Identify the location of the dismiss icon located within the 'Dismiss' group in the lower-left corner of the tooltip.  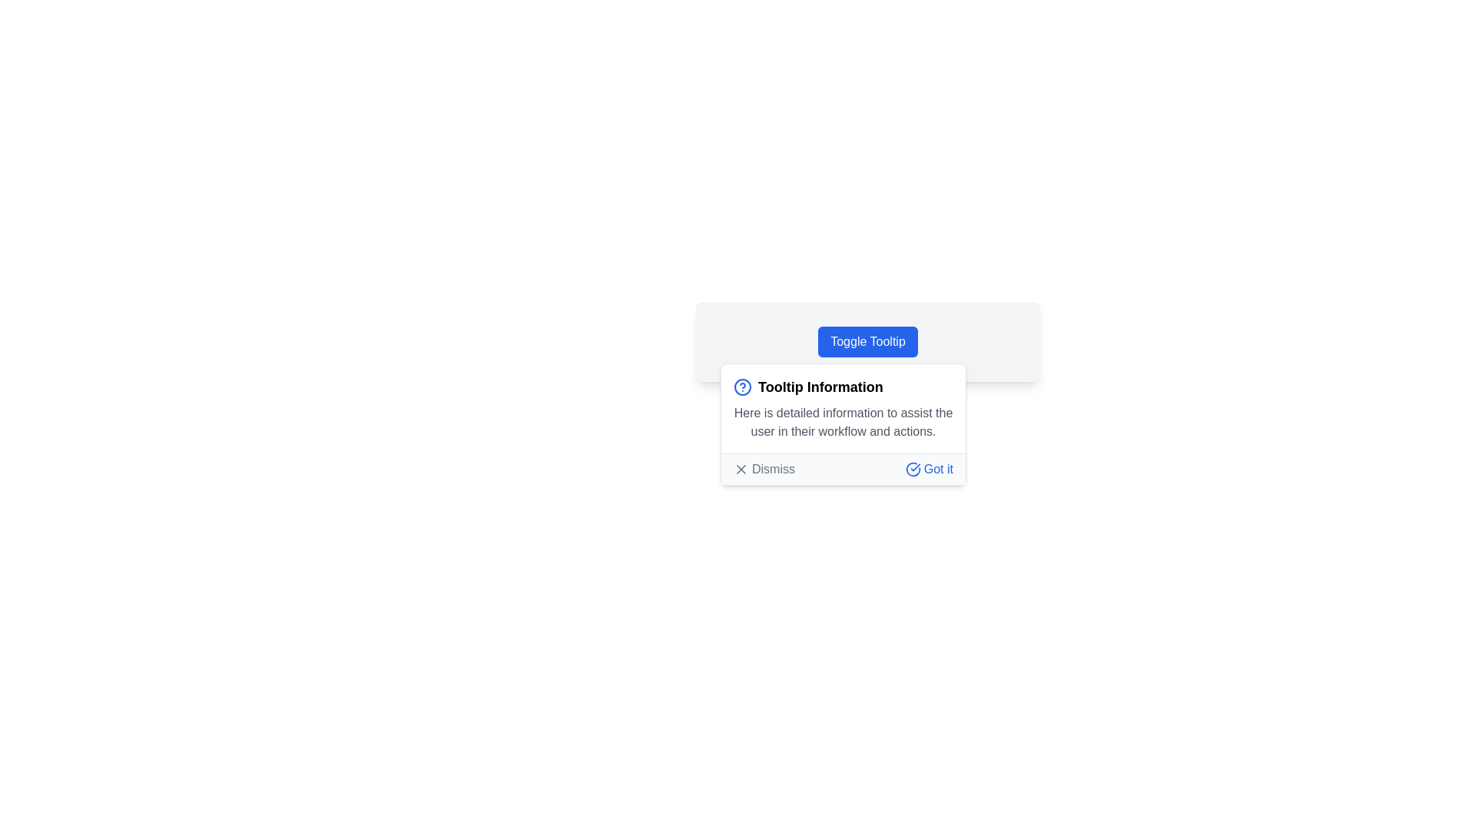
(741, 468).